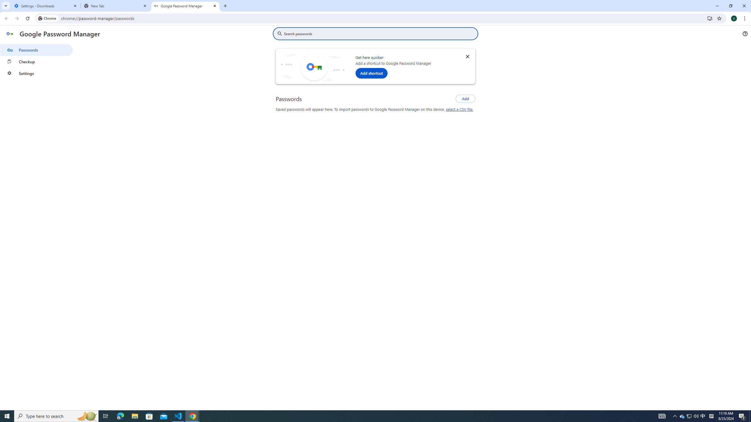  I want to click on 'Add shortcut', so click(371, 73).